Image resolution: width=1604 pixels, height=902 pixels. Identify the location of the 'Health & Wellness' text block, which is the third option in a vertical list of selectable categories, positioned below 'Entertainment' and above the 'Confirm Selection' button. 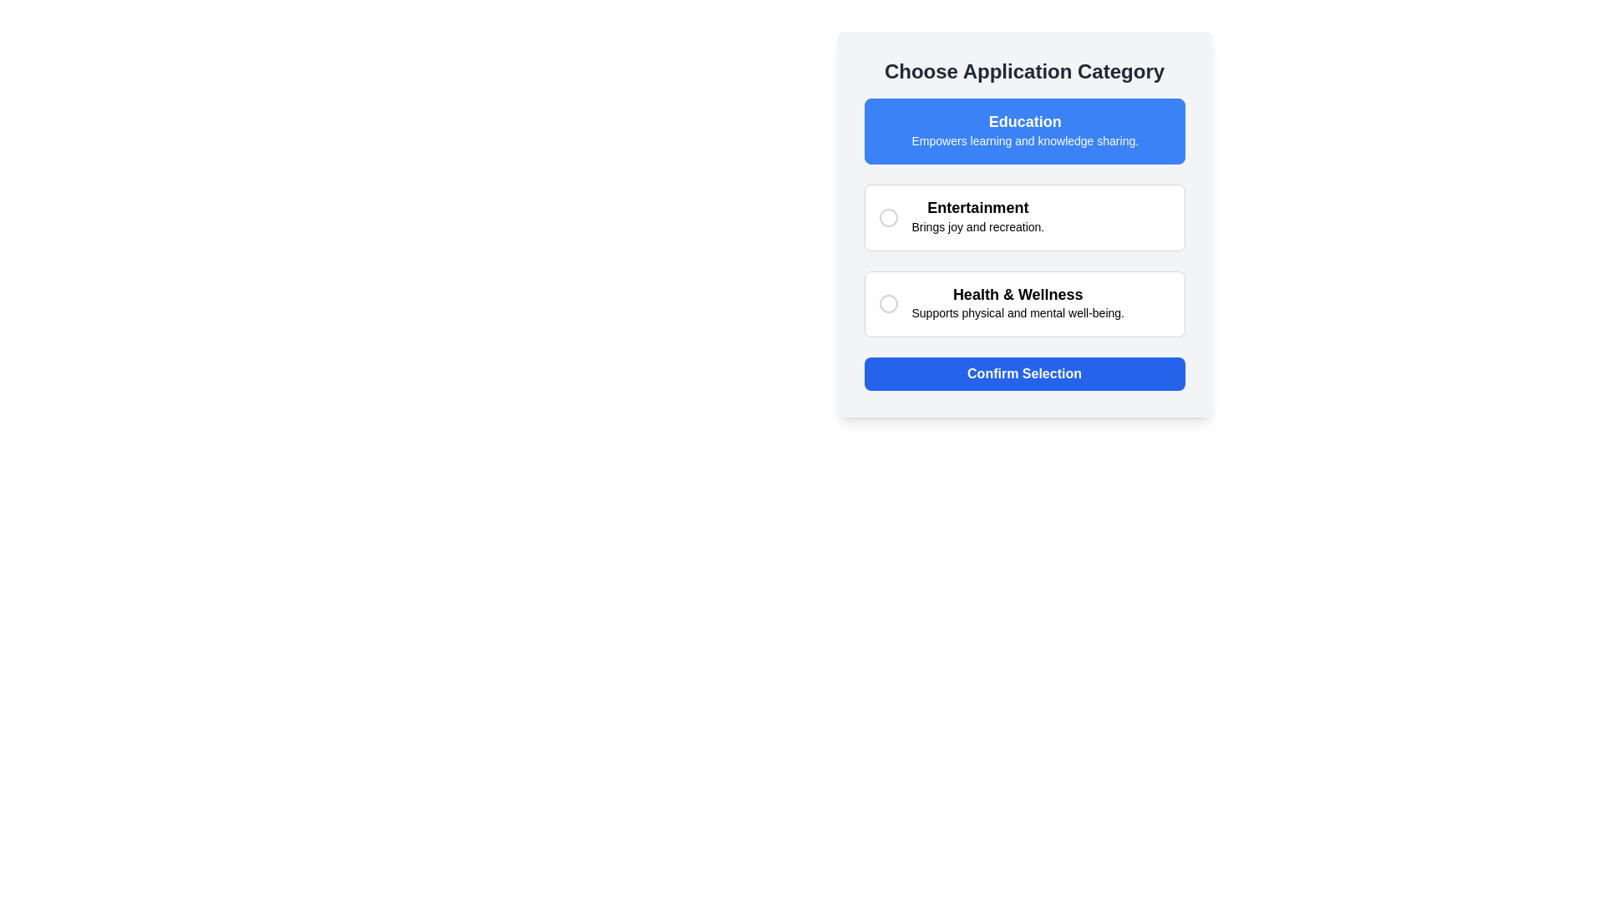
(1017, 304).